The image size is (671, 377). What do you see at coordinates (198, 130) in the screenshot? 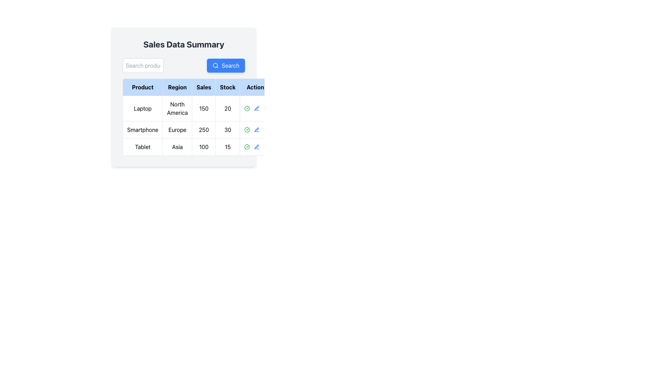
I see `the second row in the 'Sales Data Summary' table that displays sales data for a product, which includes the name, region, sales figure, and stock count` at bounding box center [198, 130].